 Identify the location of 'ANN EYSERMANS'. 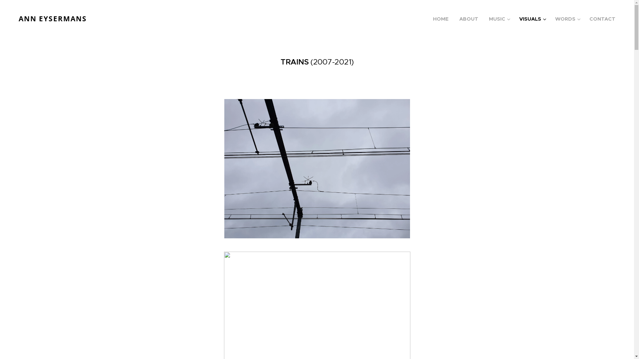
(52, 19).